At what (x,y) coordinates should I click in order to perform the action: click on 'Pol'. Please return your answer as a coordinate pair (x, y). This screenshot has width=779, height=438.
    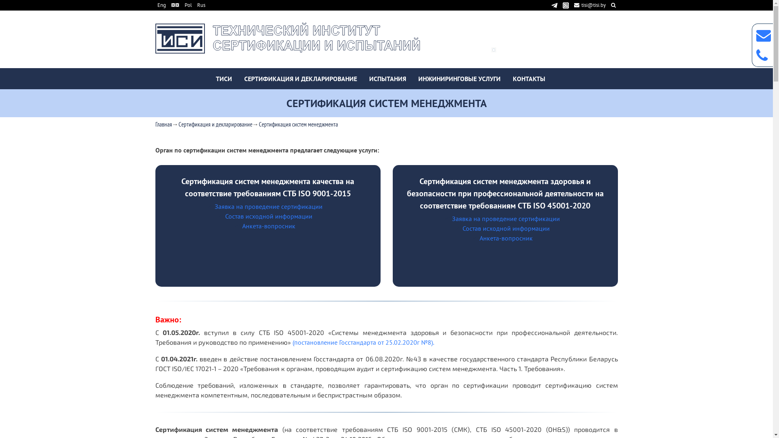
    Looking at the image, I should click on (187, 5).